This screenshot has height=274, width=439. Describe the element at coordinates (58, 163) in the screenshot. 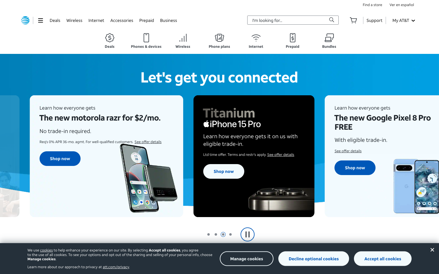

I see `Verify the offer for Motorola Razr` at that location.